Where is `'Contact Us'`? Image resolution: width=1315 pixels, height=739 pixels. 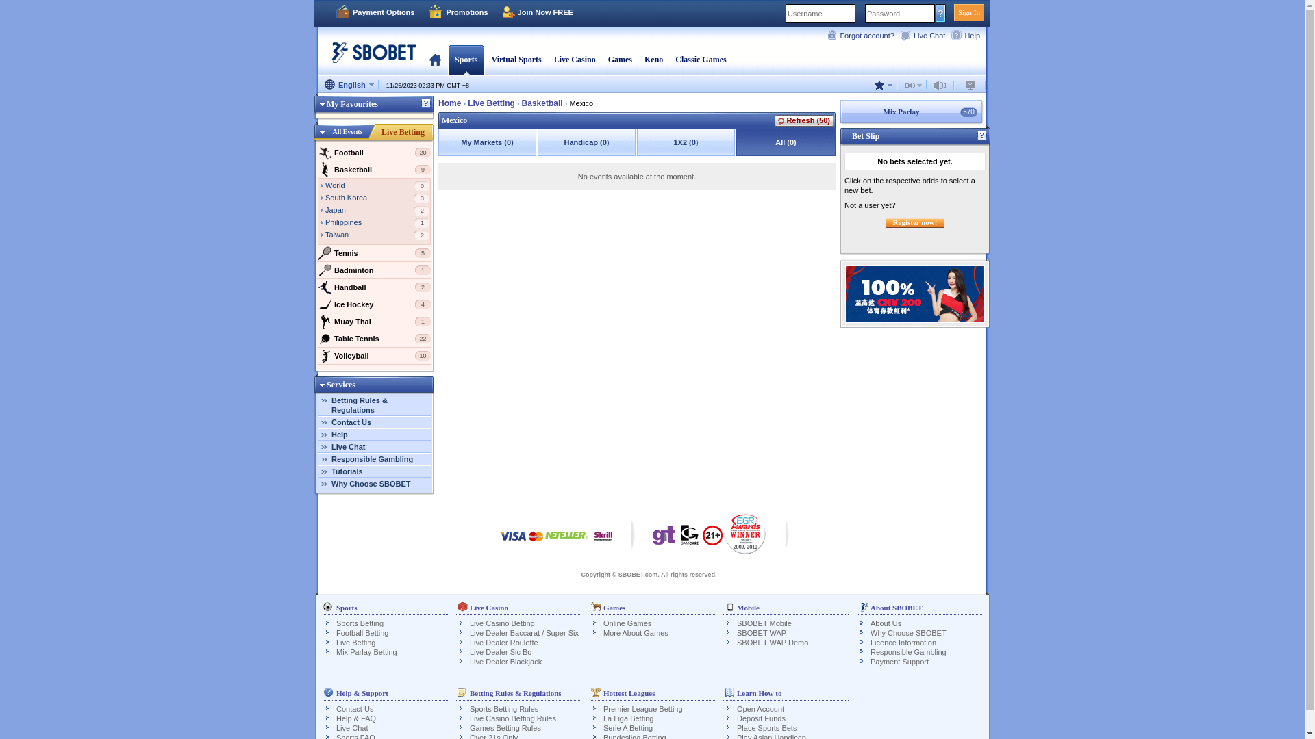 'Contact Us' is located at coordinates (331, 422).